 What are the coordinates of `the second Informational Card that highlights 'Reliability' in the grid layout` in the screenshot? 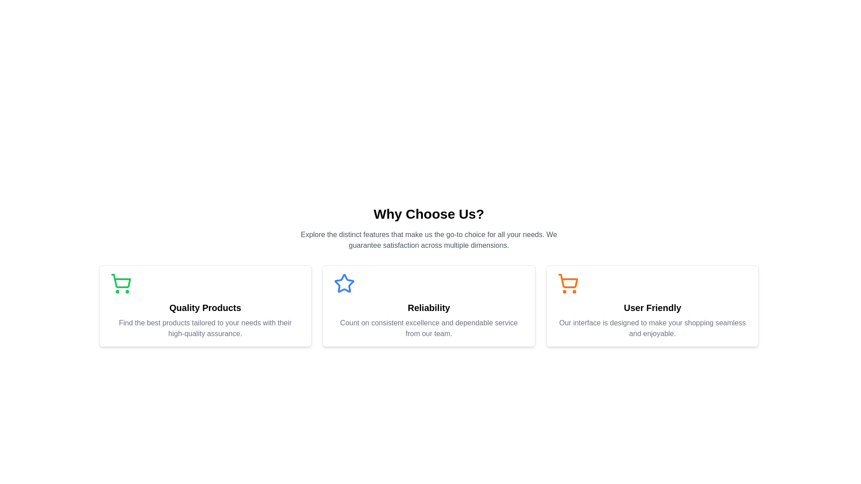 It's located at (428, 305).